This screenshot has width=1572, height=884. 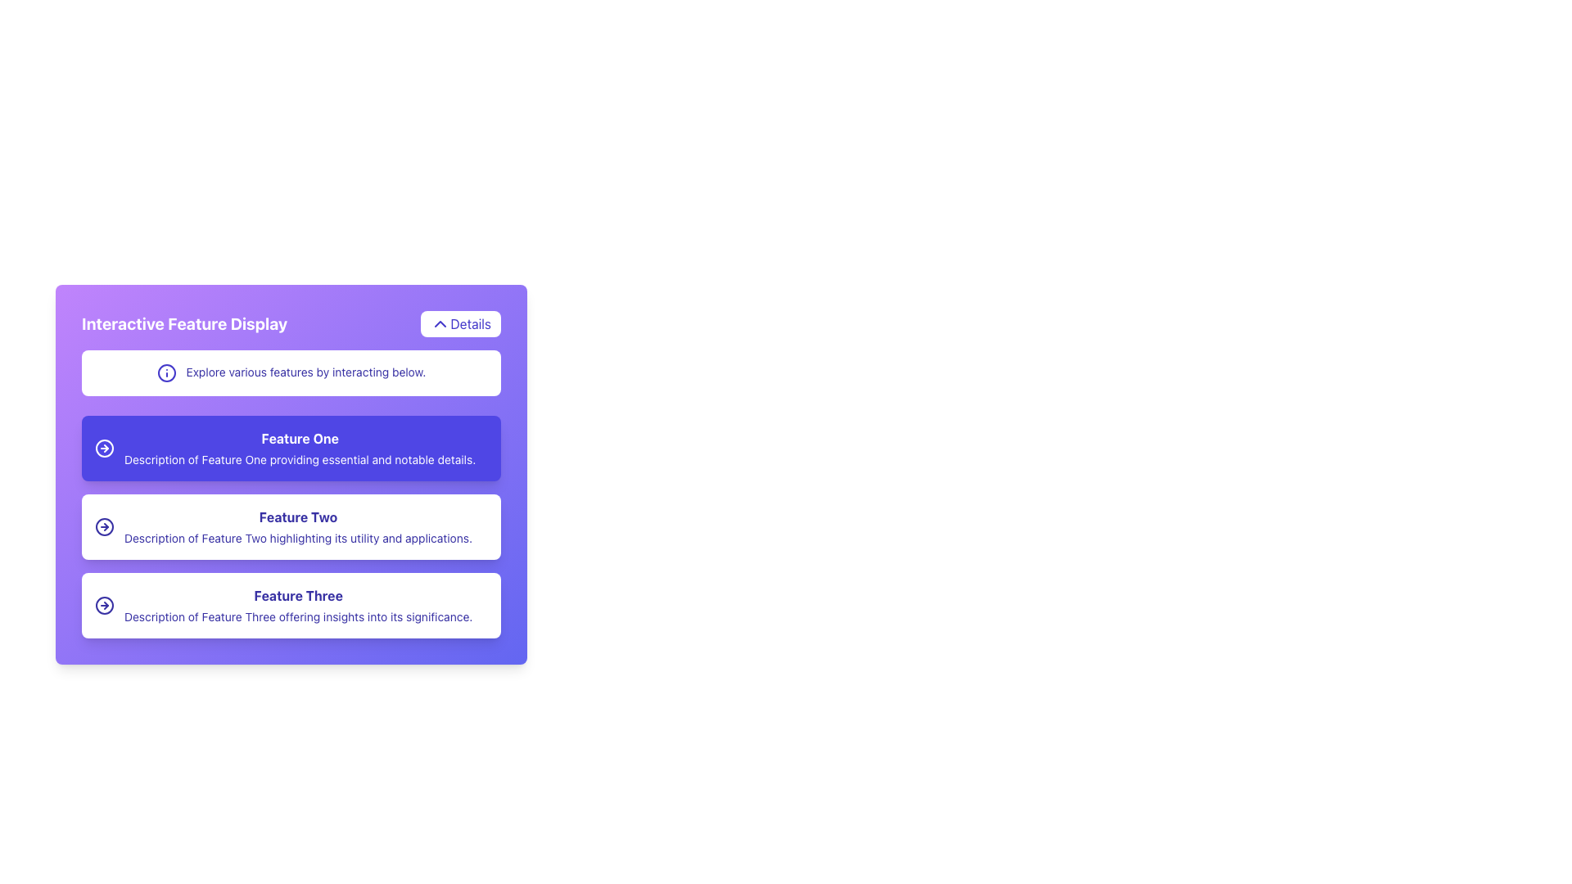 What do you see at coordinates (300, 460) in the screenshot?
I see `the static text element that provides details about 'Feature One', located beneath the bold text of the same name` at bounding box center [300, 460].